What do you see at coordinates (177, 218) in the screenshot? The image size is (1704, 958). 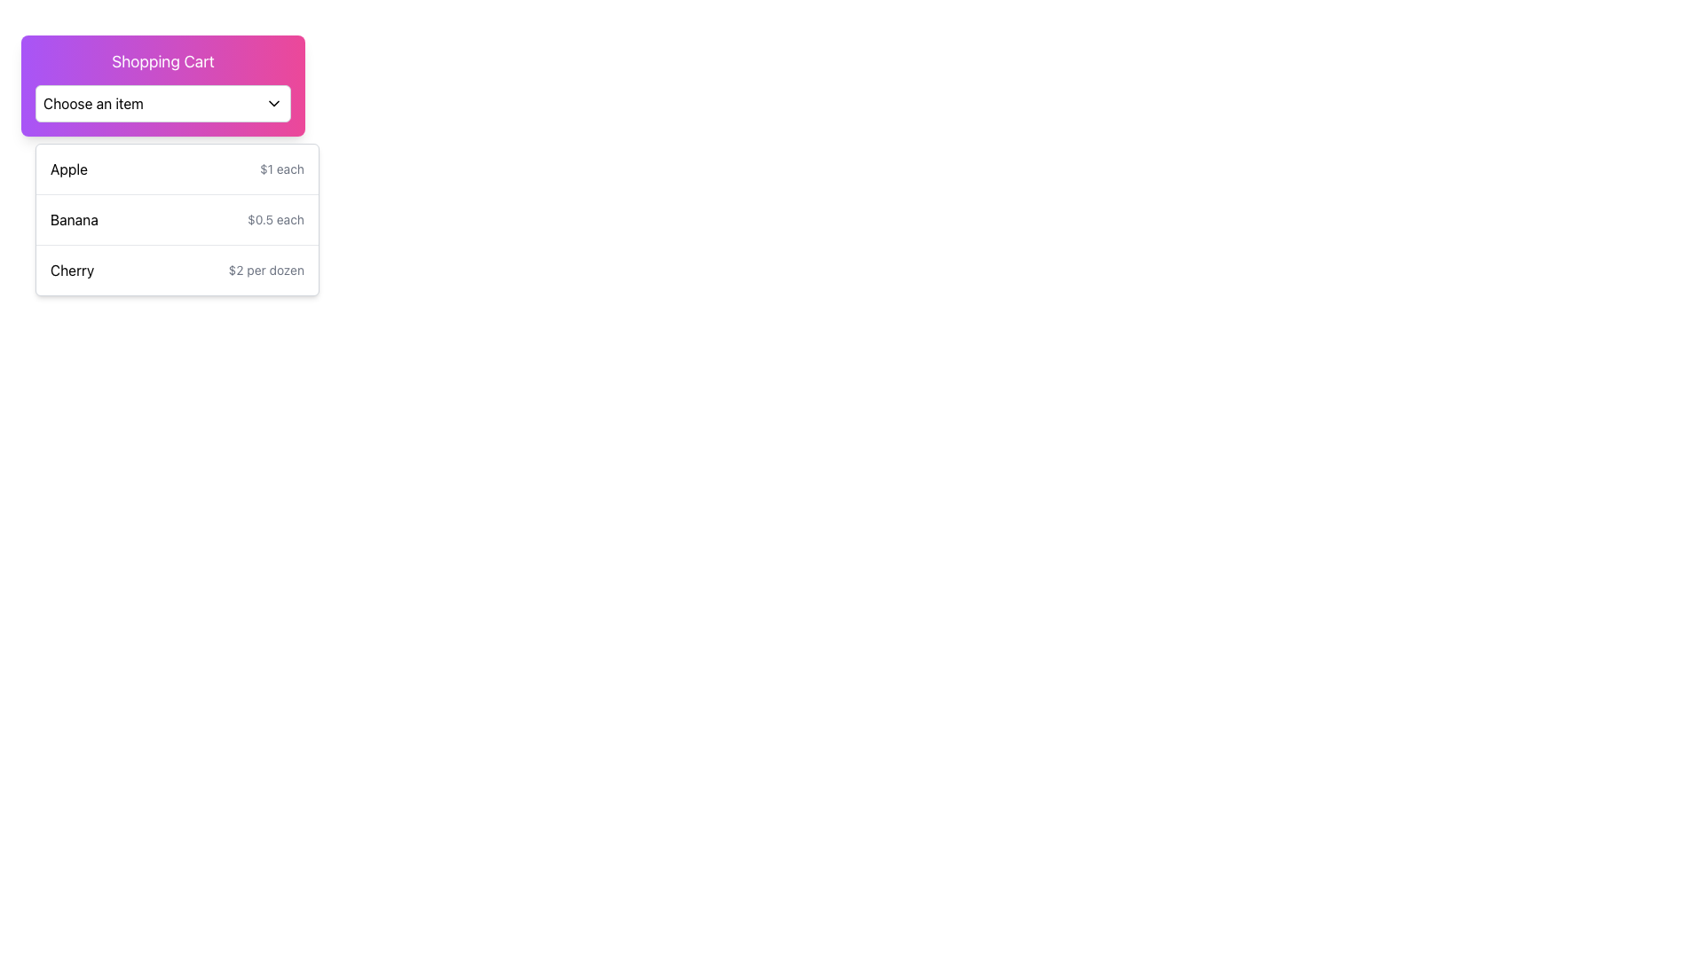 I see `the second item in the dropdown list, which is located below the 'Apple' row and above the 'Cherry' row` at bounding box center [177, 218].